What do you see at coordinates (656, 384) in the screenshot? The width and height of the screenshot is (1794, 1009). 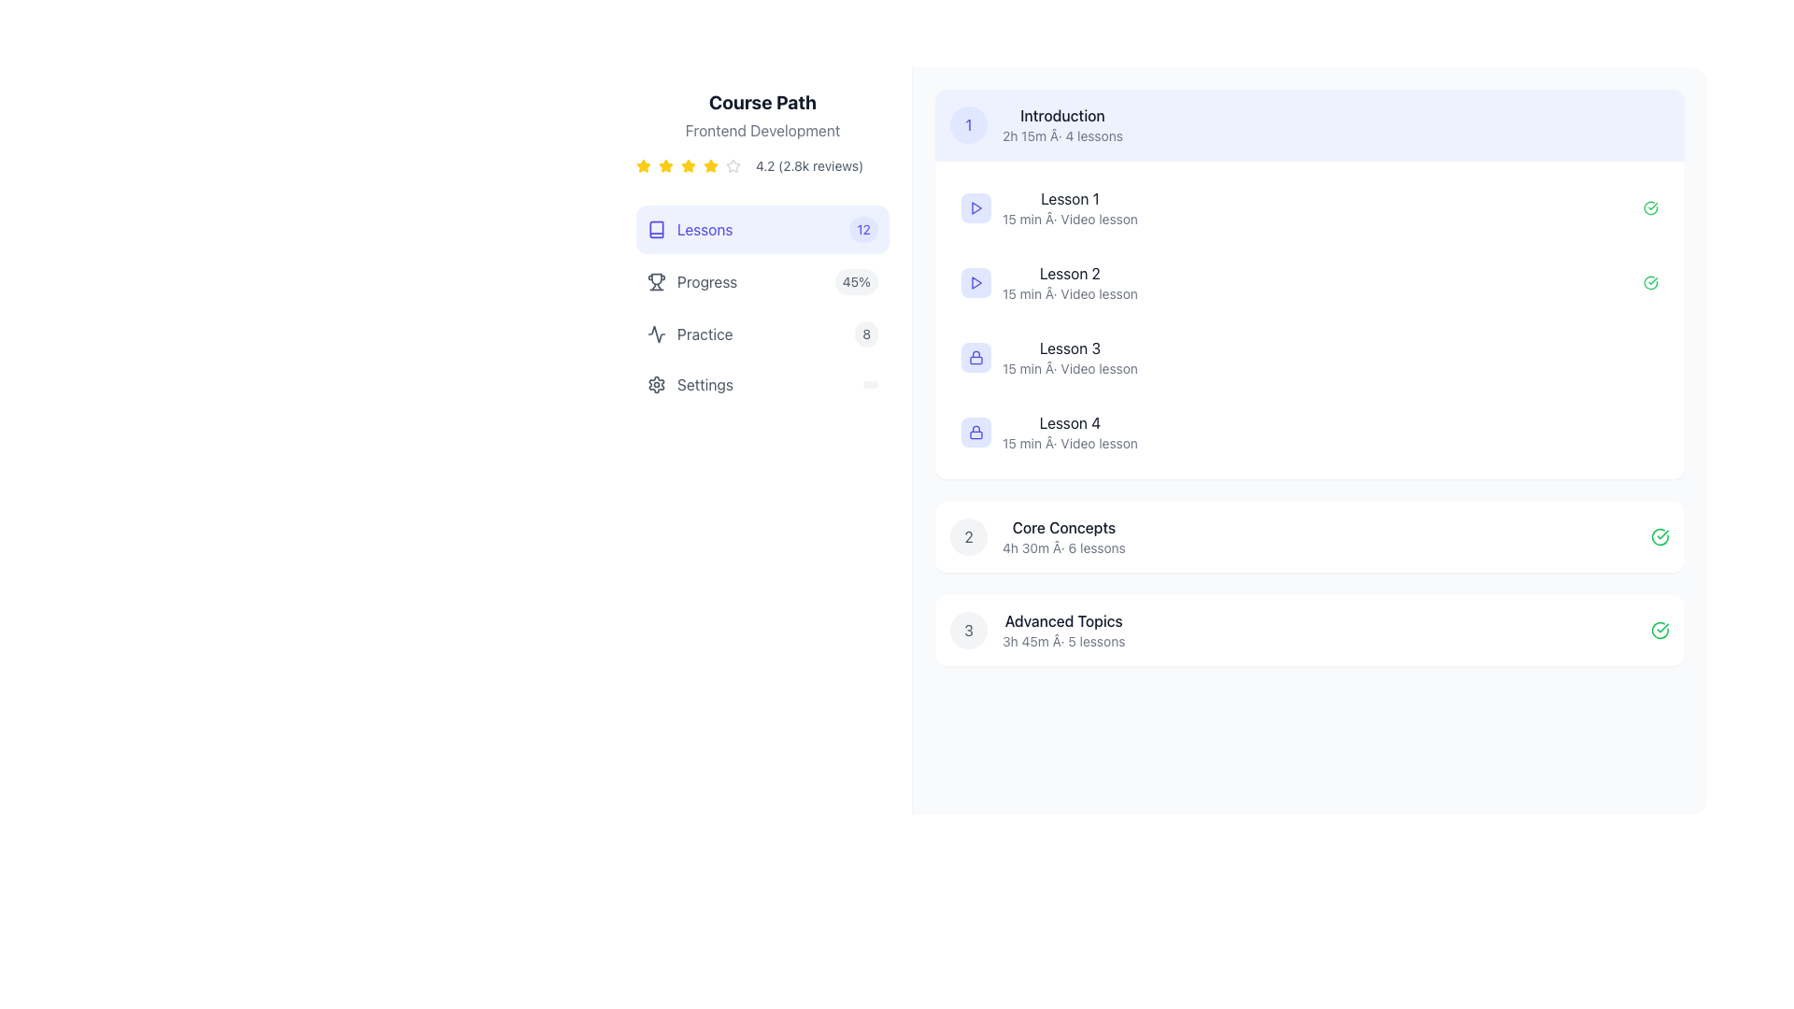 I see `the gear icon on the left side of the settings section` at bounding box center [656, 384].